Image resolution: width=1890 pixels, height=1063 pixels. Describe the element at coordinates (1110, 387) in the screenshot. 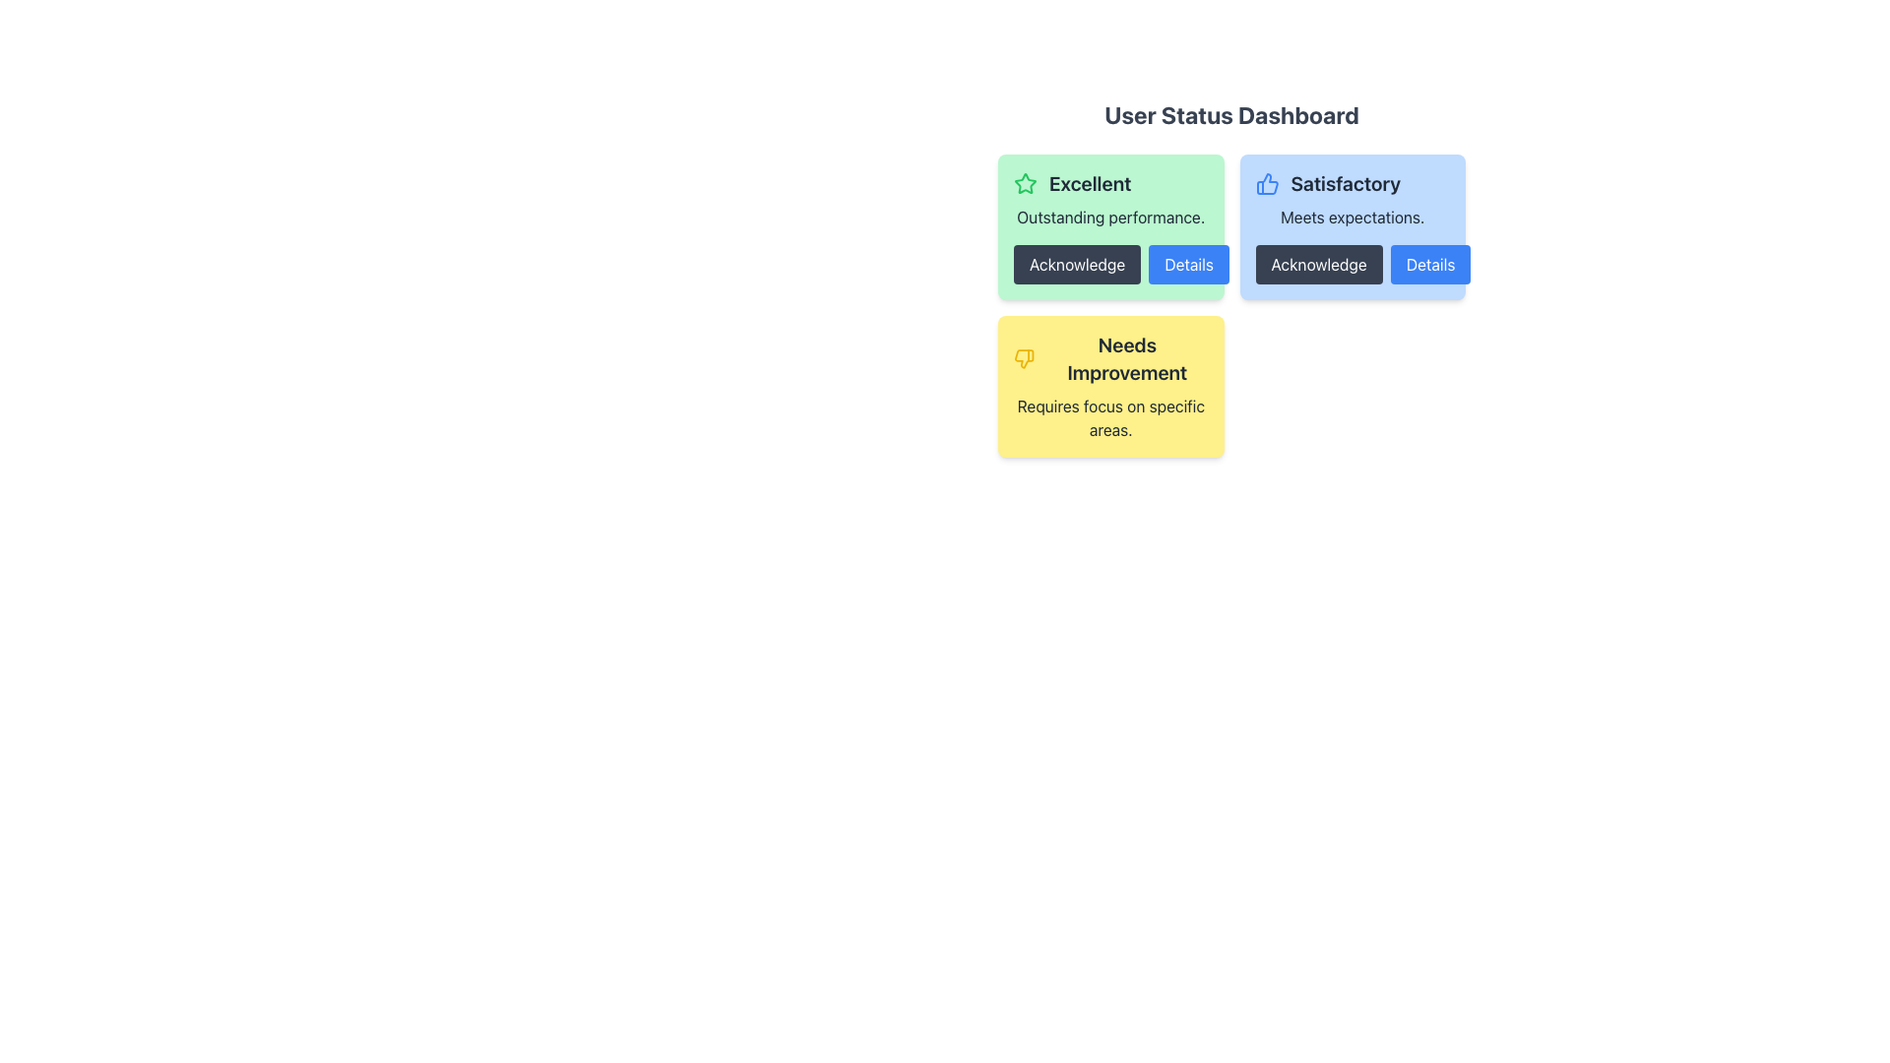

I see `the Informational card indicating 'Needs Improvement' located in the bottom-left of the User Status Dashboard, positioned below the 'Excellent' card and adjacent to the 'Satisfactory' card` at that location.